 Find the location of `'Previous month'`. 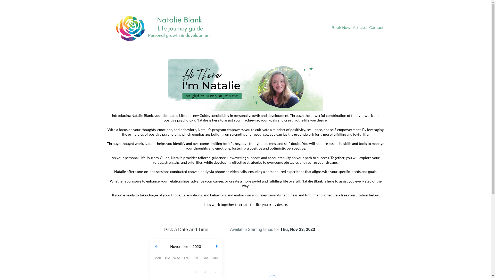

'Previous month' is located at coordinates (149, 246).